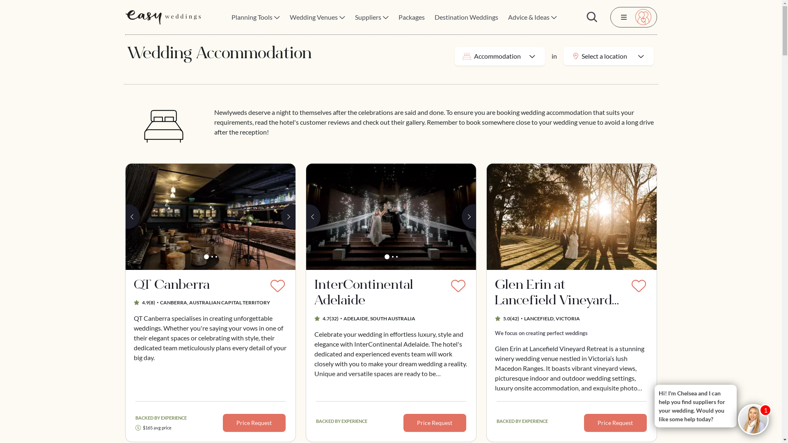  What do you see at coordinates (615, 422) in the screenshot?
I see `'Price Request'` at bounding box center [615, 422].